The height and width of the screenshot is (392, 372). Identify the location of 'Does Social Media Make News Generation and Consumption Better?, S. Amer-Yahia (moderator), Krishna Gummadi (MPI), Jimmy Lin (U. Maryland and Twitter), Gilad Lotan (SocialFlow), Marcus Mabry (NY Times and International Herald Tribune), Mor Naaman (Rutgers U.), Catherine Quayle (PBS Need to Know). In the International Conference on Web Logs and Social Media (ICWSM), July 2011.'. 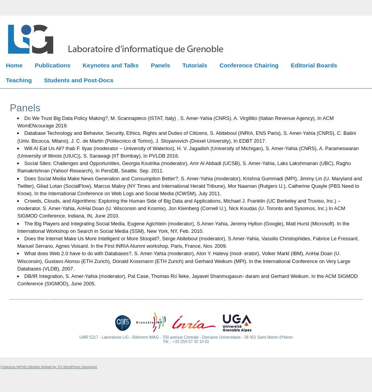
(190, 185).